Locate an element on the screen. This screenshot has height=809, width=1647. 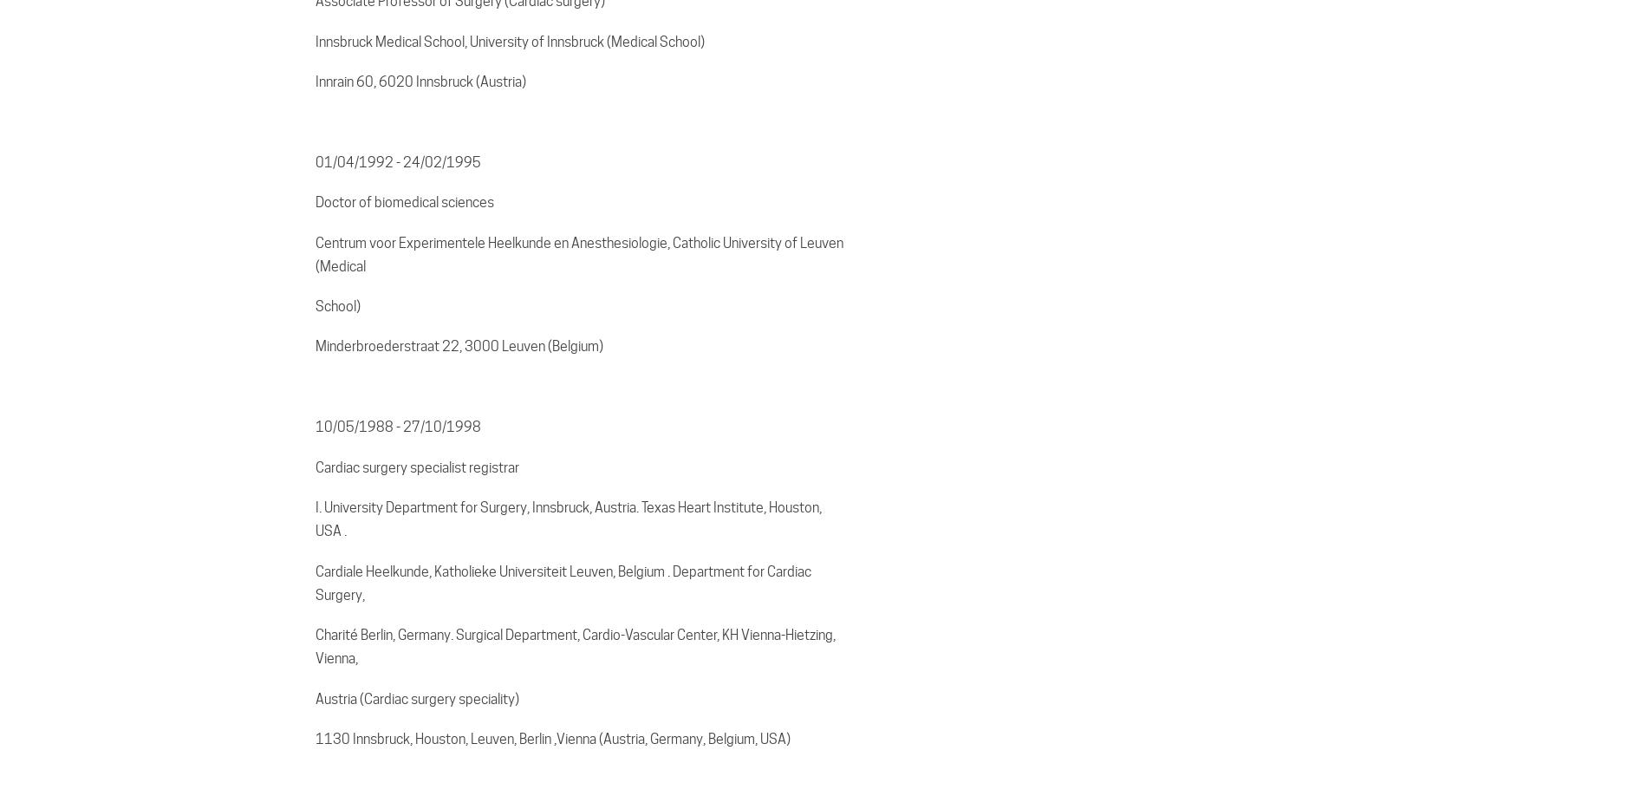
'Innsbruck Medical School, University of Innsbruck (Medical School)' is located at coordinates (510, 40).